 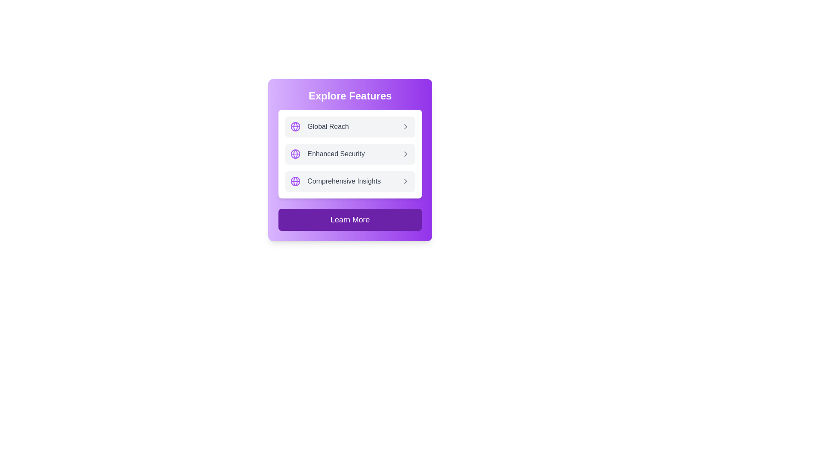 What do you see at coordinates (295, 127) in the screenshot?
I see `the decorative circular vector graphic representing the 'Global Reach' feature, which is located to the left of the text label 'Global Reach' in the interactive panel with a purple gradient header entitled 'Explore Features'` at bounding box center [295, 127].